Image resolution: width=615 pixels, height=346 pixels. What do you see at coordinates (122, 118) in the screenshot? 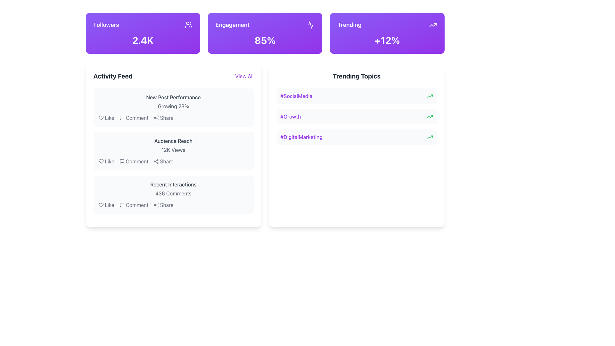
I see `the comment icon located in the 'Activity Feed' section, immediately to the left of the 'Comment' label and to the right of the 'Like' button, associated with the post titled 'New Post Performance'` at bounding box center [122, 118].